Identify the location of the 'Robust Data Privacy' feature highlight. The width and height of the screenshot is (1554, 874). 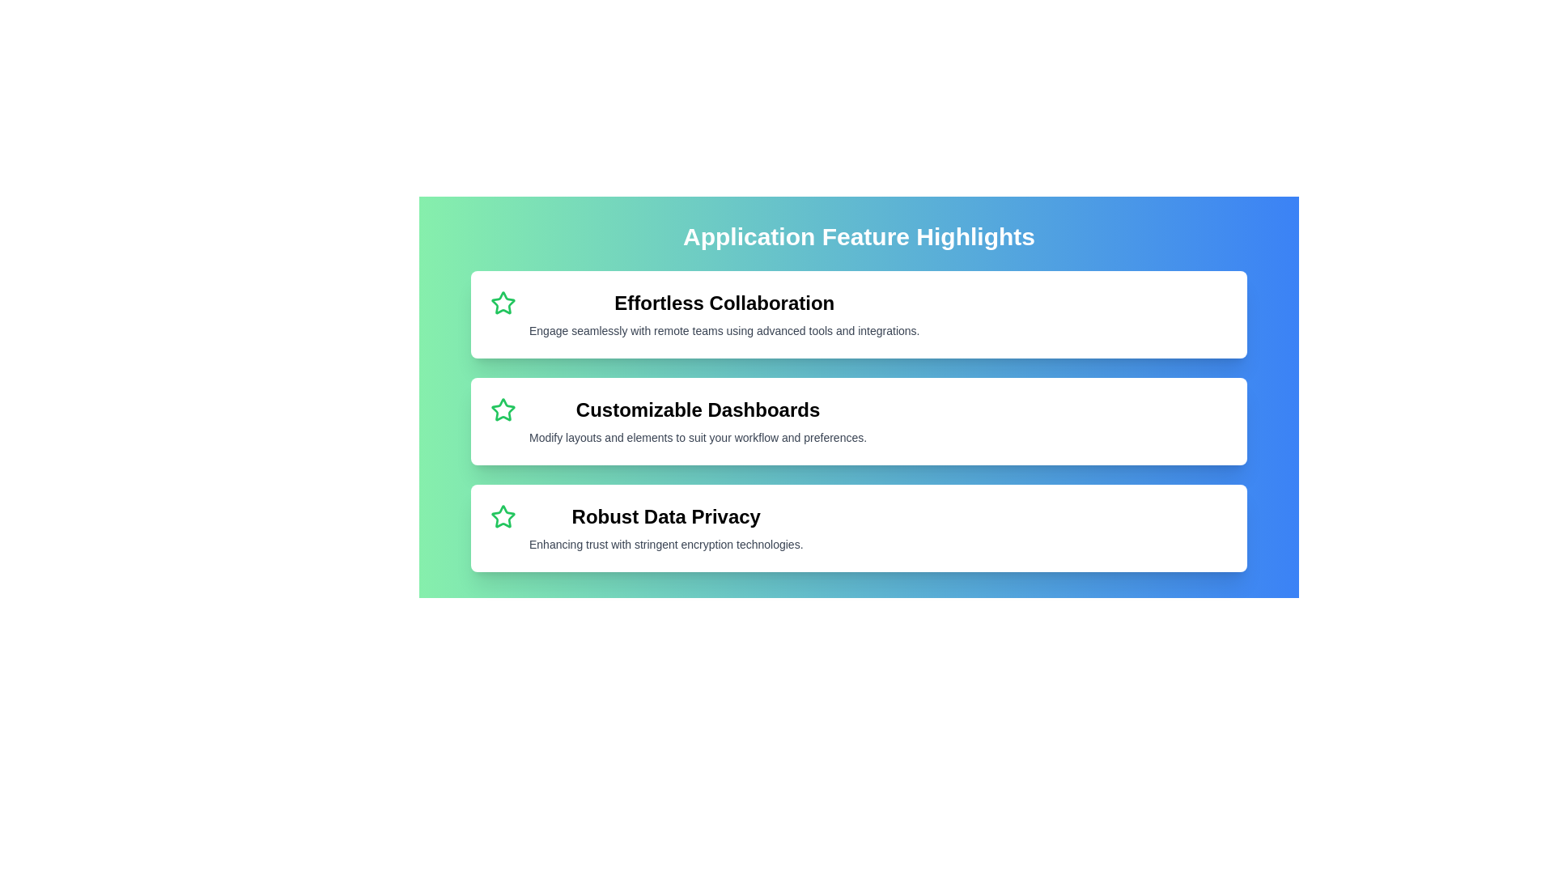
(858, 528).